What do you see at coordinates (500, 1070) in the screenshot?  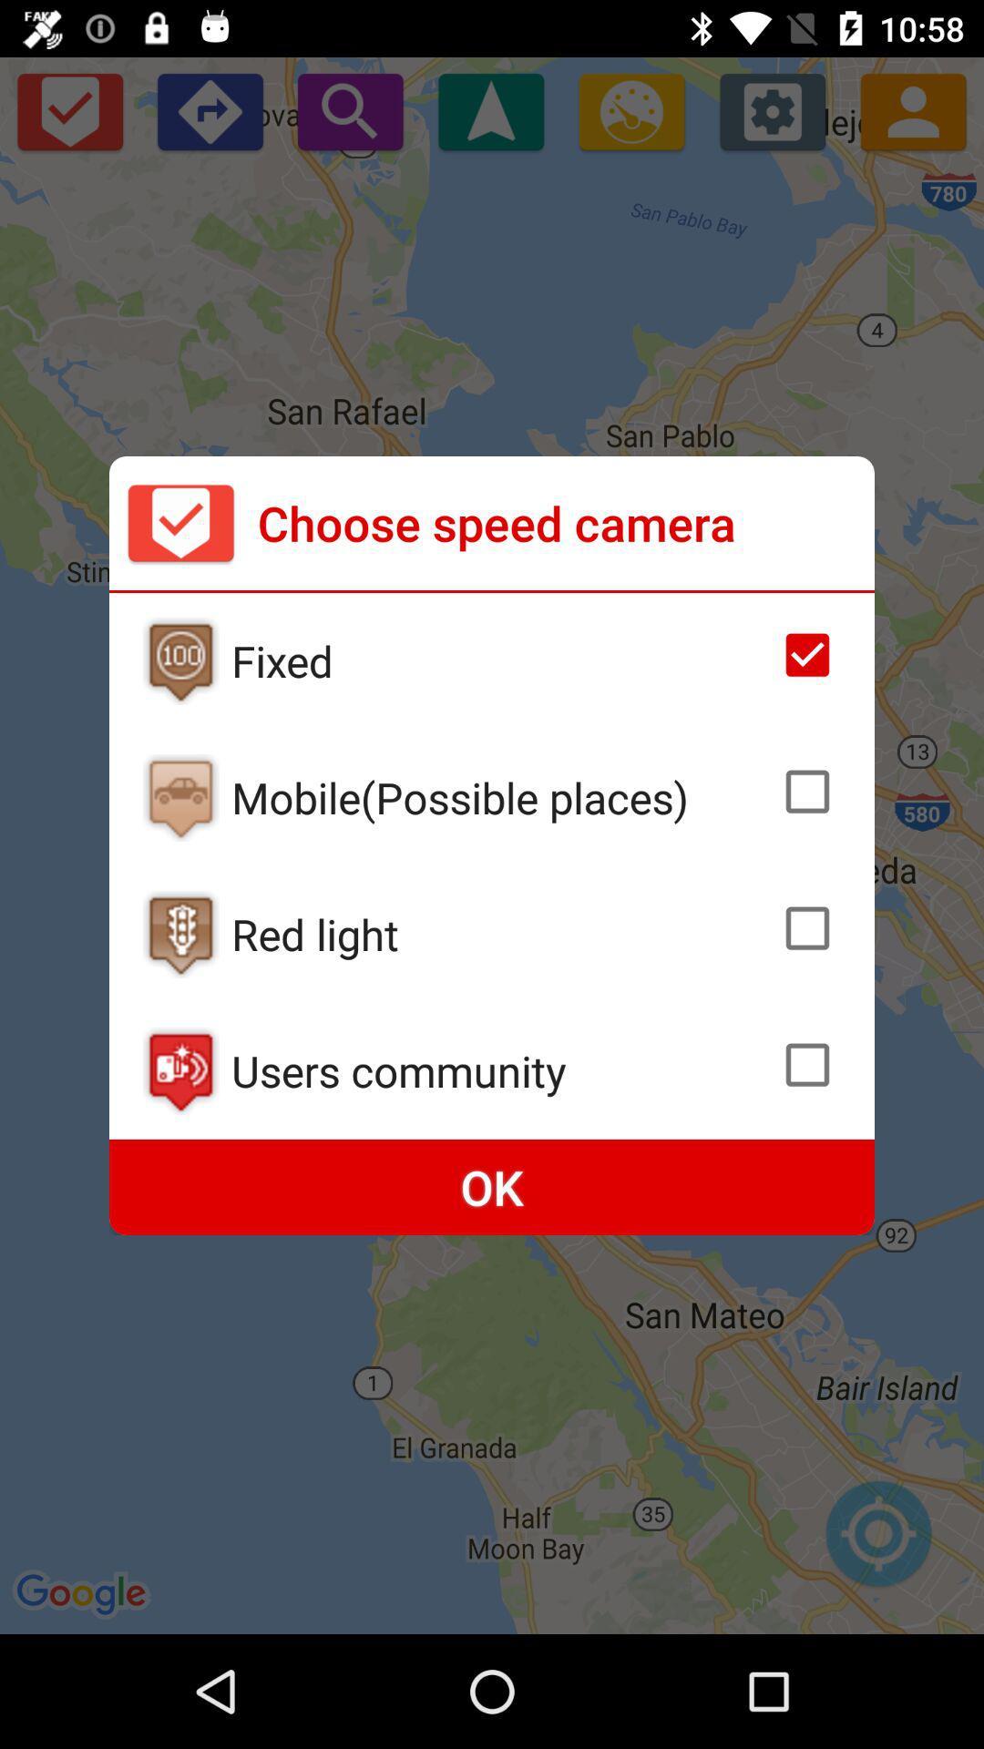 I see `users community` at bounding box center [500, 1070].